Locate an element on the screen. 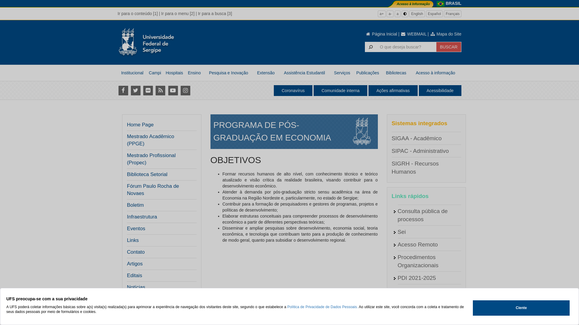  'Procedimentos Organizacionais' is located at coordinates (417, 261).